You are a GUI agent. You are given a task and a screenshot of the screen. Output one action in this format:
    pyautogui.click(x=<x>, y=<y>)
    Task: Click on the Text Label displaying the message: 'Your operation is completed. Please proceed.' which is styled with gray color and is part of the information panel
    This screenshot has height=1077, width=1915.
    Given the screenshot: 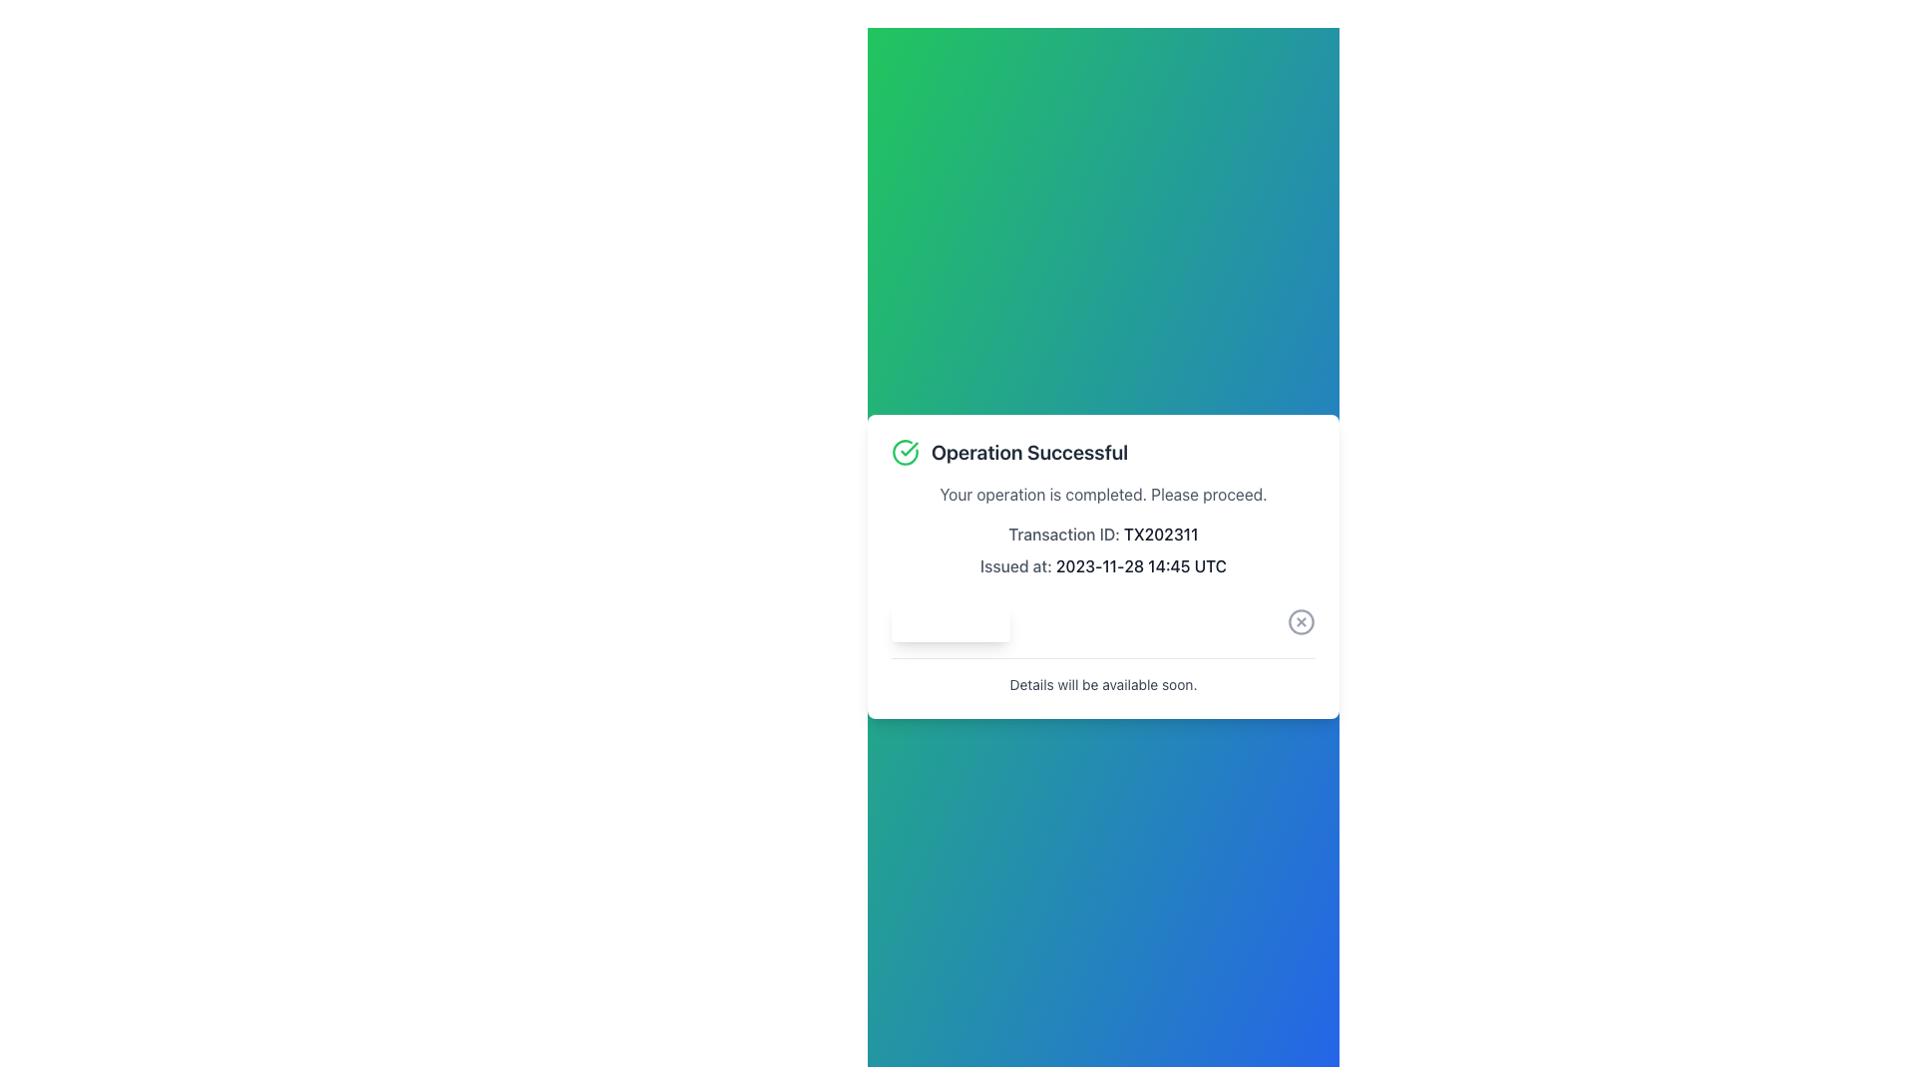 What is the action you would take?
    pyautogui.click(x=1102, y=494)
    